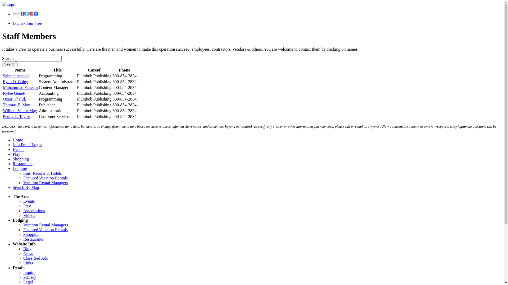  What do you see at coordinates (28, 263) in the screenshot?
I see `'Links'` at bounding box center [28, 263].